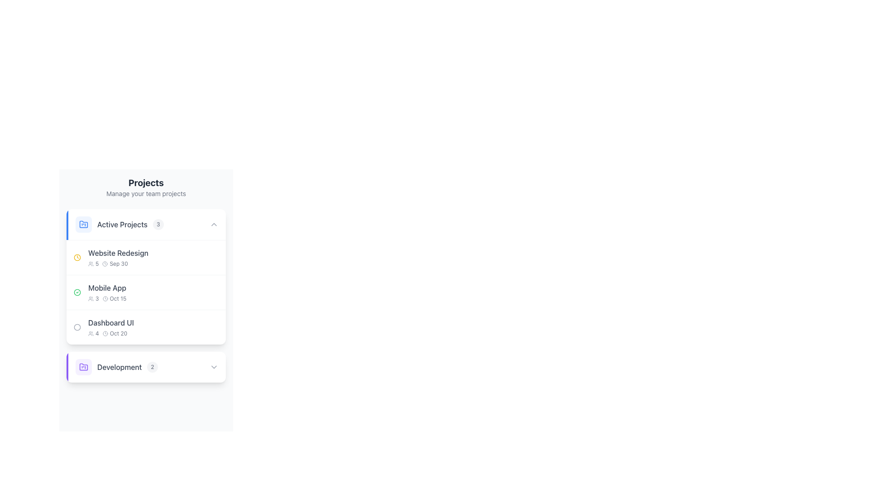 Image resolution: width=869 pixels, height=489 pixels. I want to click on the small, compact user icon with a minimalist outline style, located in the 'Dashboard UI' row to the left of the number '4', indicating the number of users, so click(91, 333).